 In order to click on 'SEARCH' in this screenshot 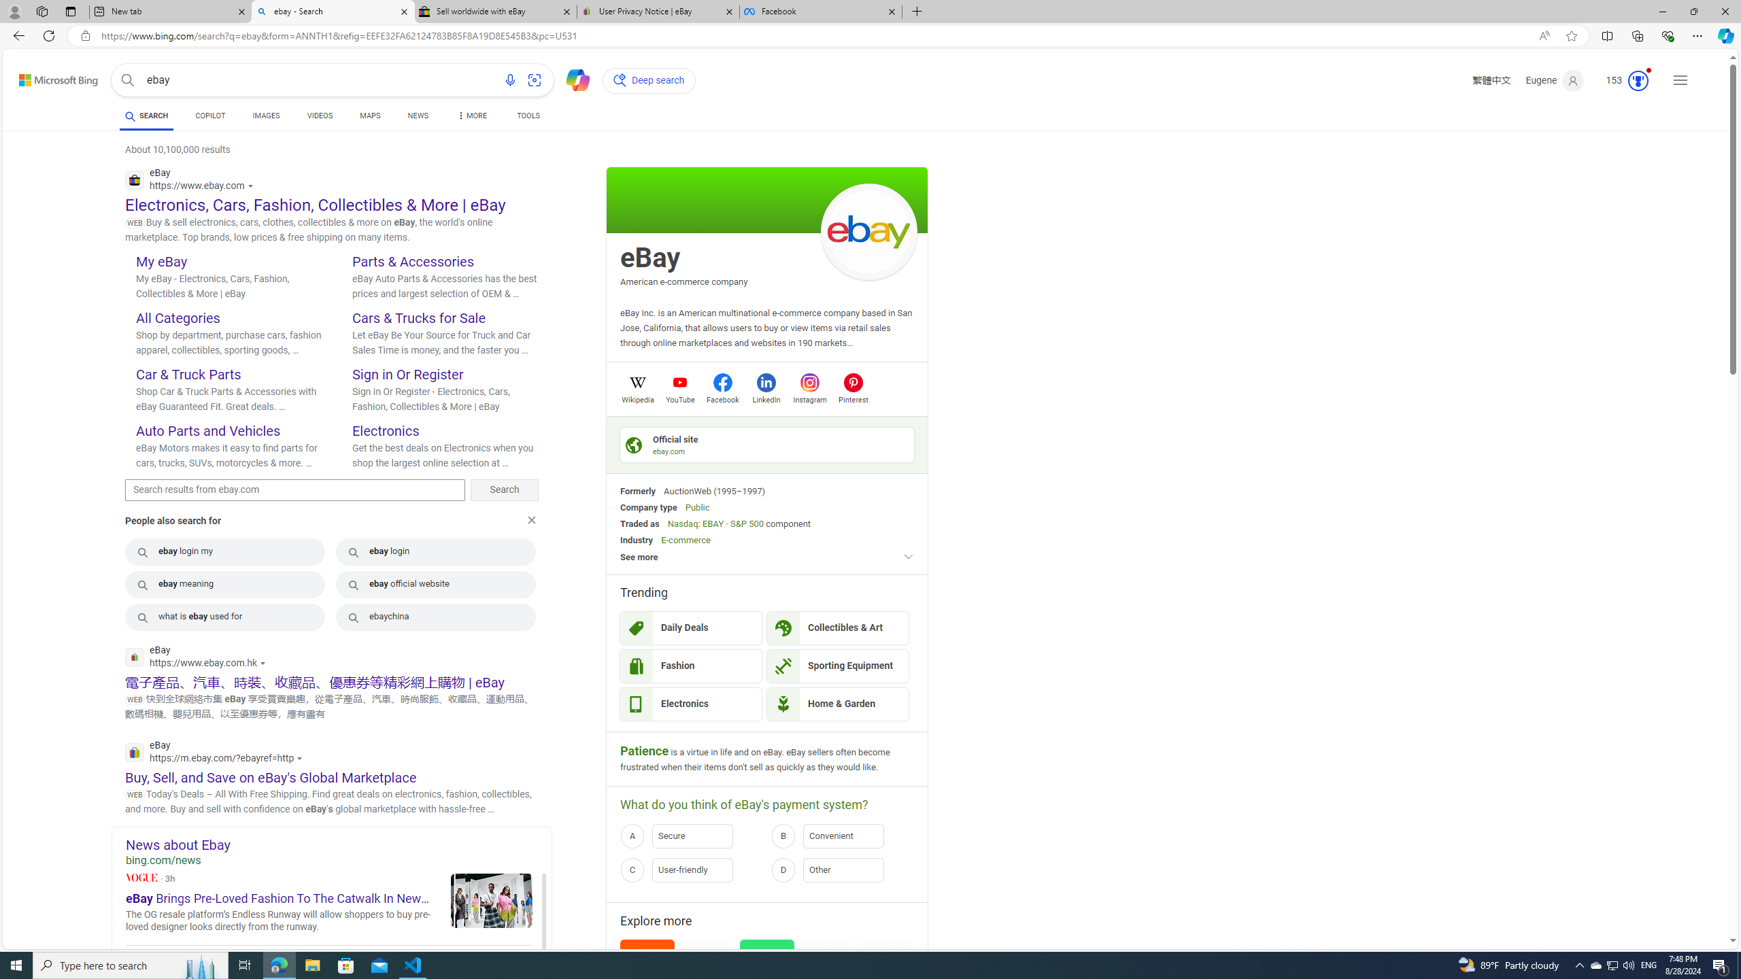, I will do `click(147, 115)`.